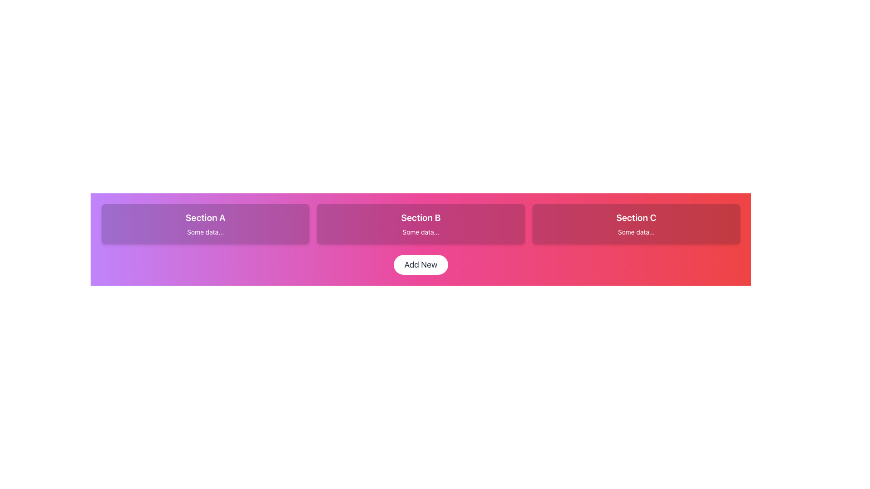  Describe the element at coordinates (636, 218) in the screenshot. I see `the bold text element displaying 'Section C' styled with a white font color against a gradient red background, which is the title in the third card of three horizontal cards` at that location.